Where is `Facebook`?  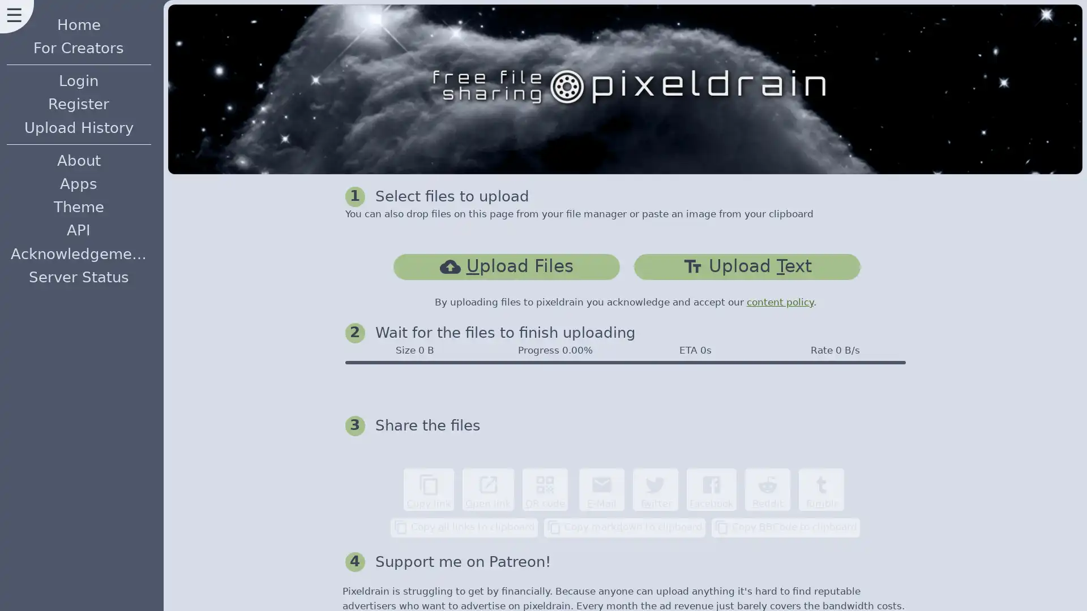
Facebook is located at coordinates (711, 489).